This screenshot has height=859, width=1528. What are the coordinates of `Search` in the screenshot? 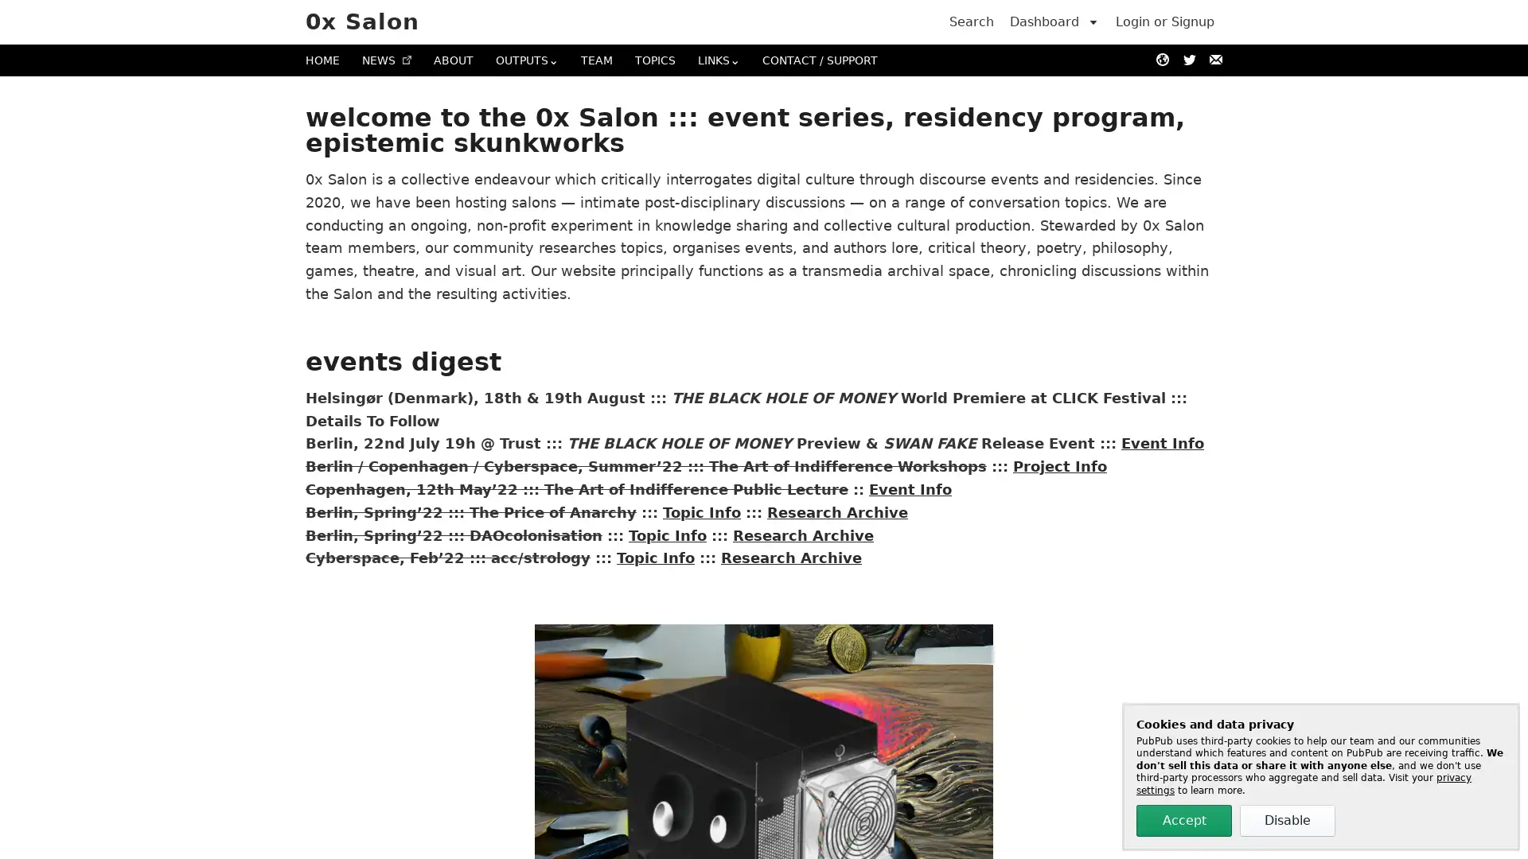 It's located at (970, 21).